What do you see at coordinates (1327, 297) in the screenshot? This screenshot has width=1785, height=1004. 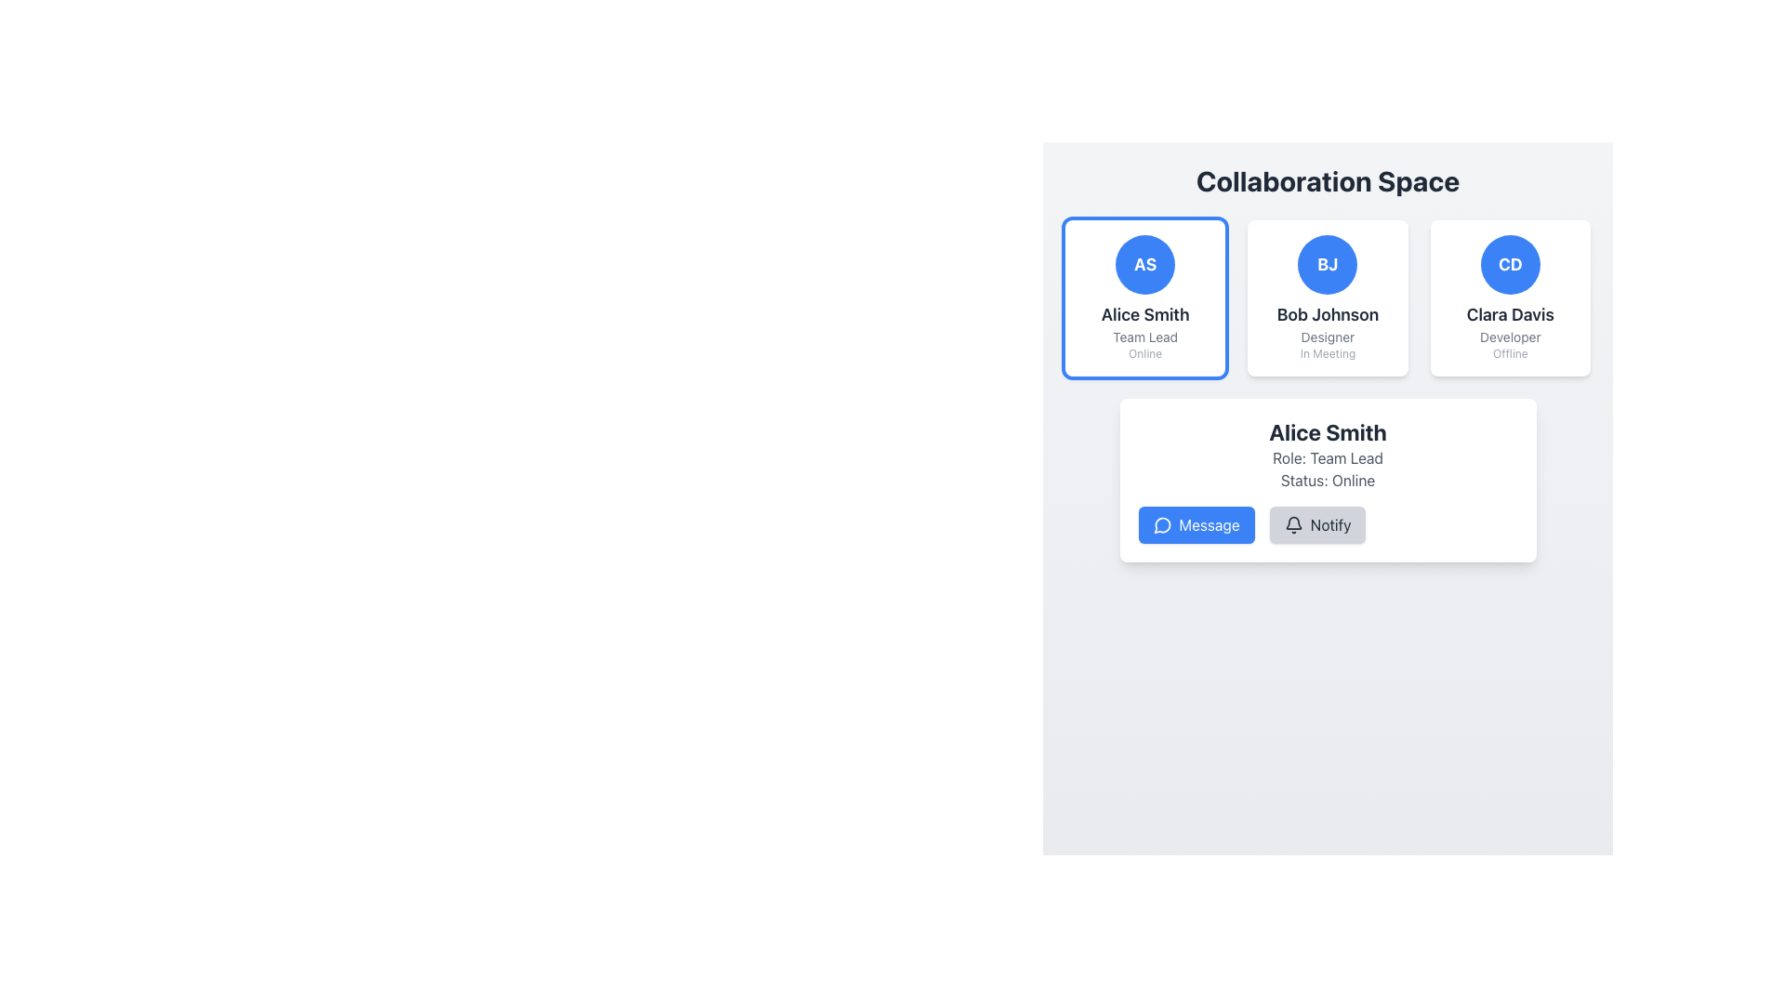 I see `the interactive card displaying information about the team member` at bounding box center [1327, 297].